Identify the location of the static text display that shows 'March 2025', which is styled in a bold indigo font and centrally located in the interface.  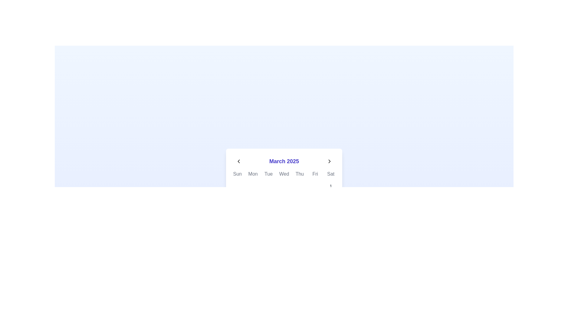
(284, 161).